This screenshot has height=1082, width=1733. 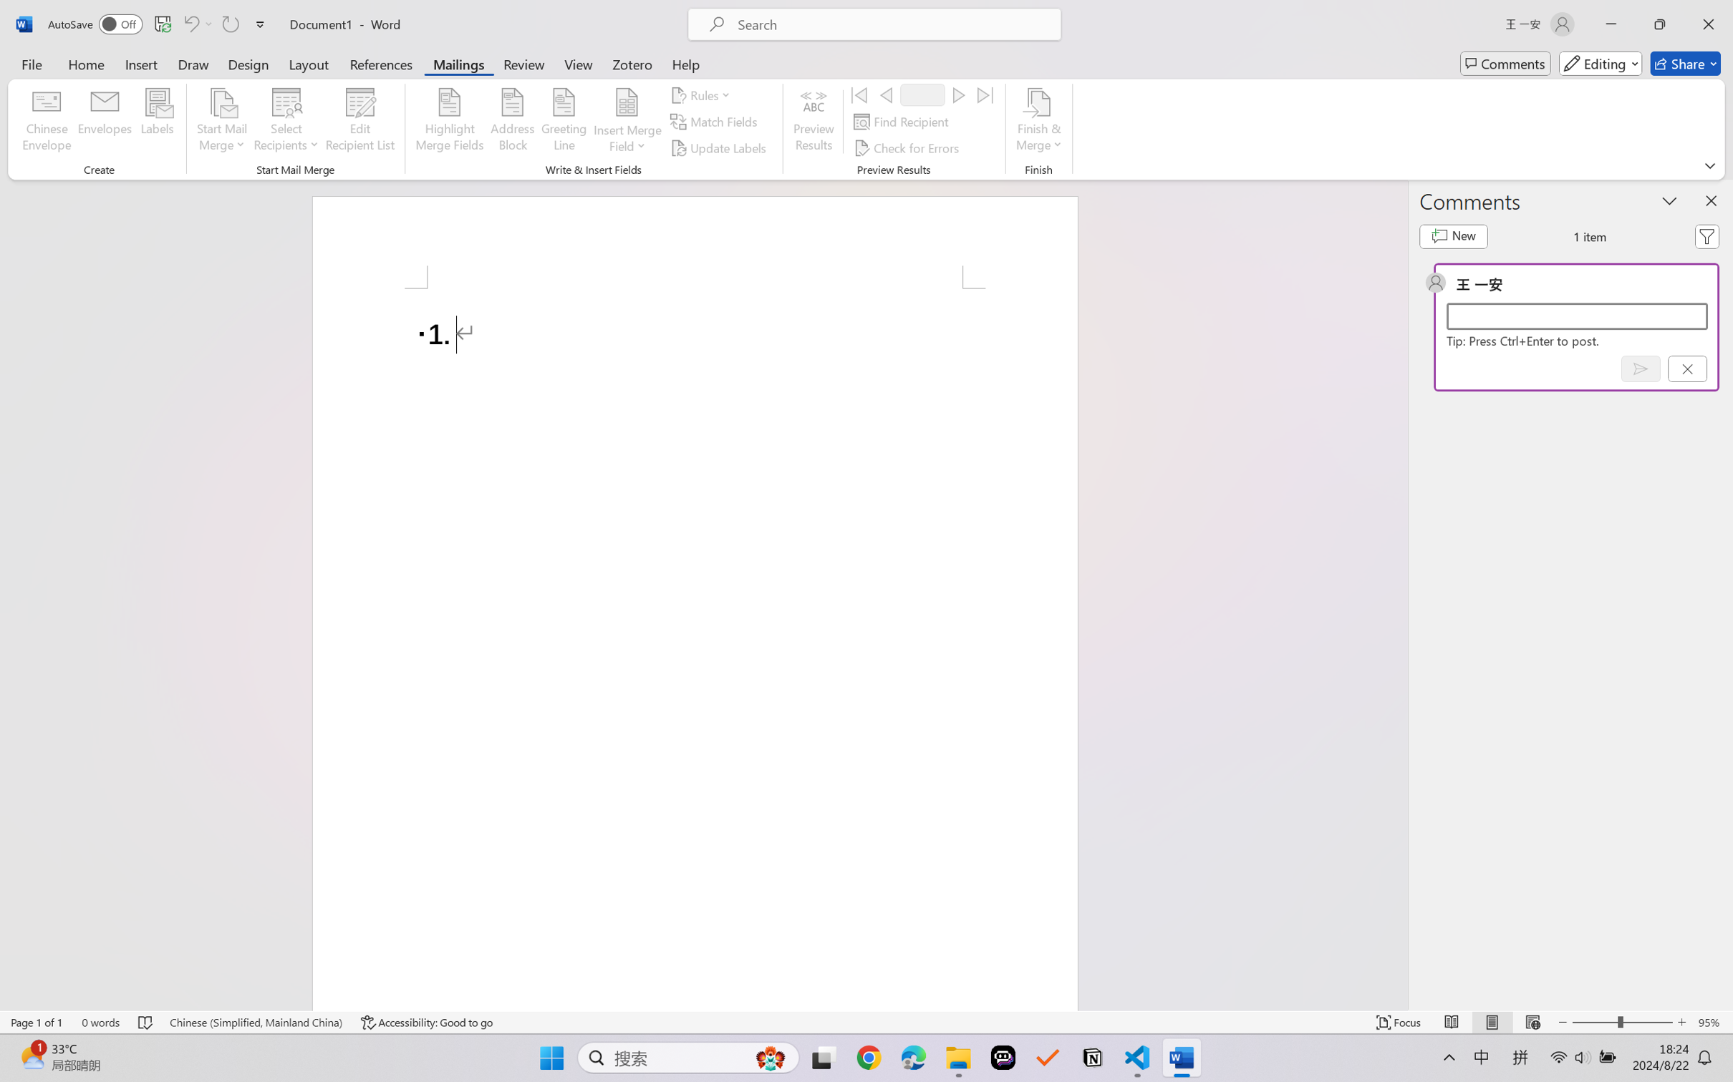 I want to click on 'Find Recipient...', so click(x=902, y=122).